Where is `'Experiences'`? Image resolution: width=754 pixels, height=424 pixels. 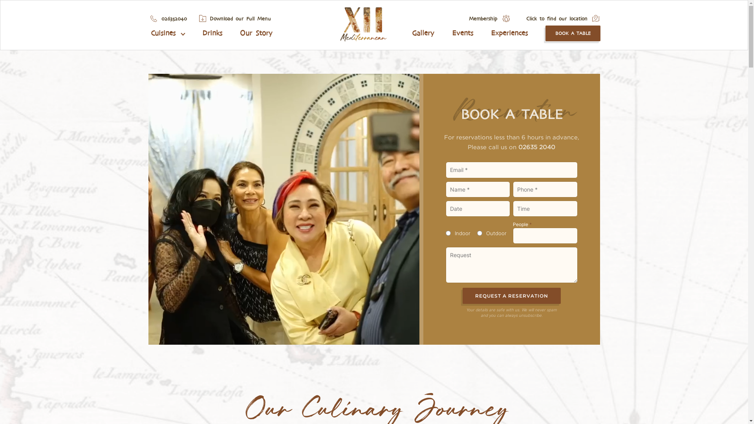 'Experiences' is located at coordinates (509, 33).